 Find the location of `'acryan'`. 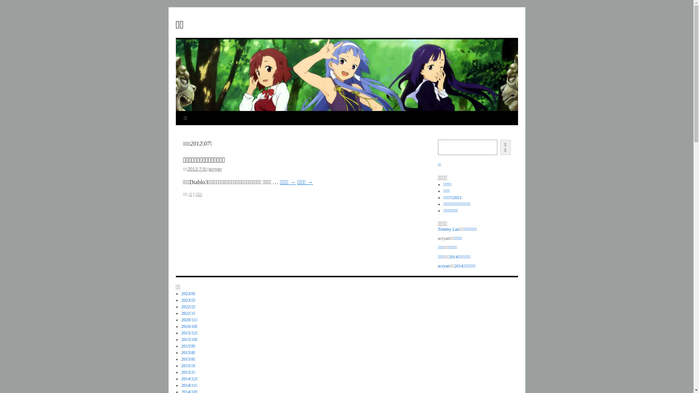

'acryan' is located at coordinates (443, 266).